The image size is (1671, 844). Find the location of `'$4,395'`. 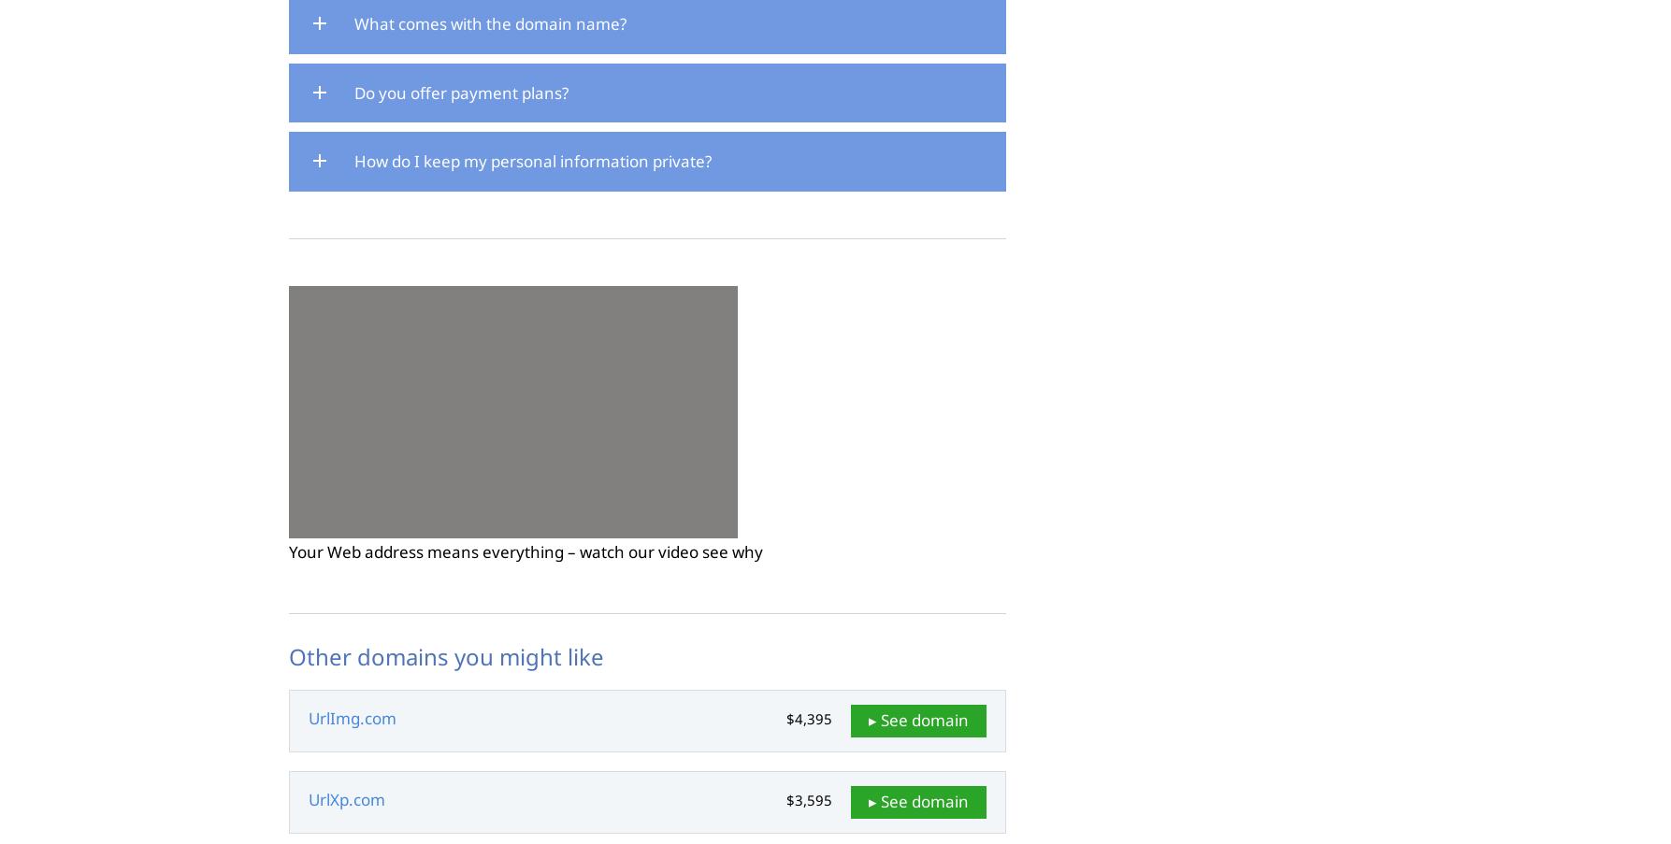

'$4,395' is located at coordinates (808, 718).